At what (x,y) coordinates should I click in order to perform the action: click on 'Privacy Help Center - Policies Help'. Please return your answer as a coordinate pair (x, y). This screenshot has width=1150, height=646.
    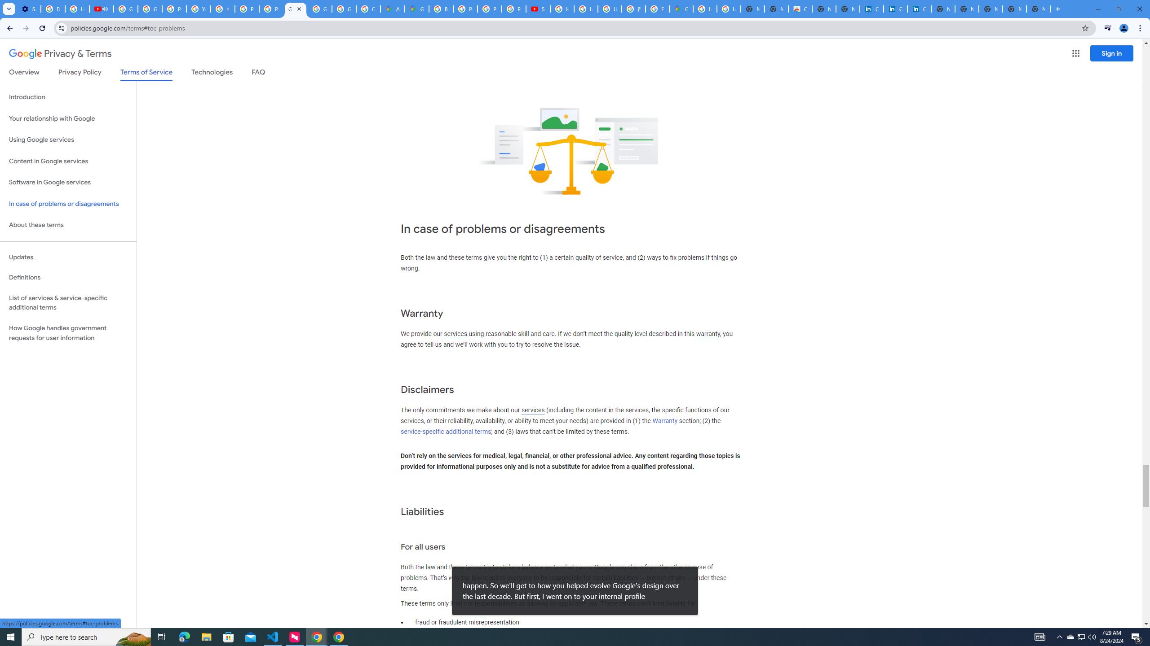
    Looking at the image, I should click on (489, 9).